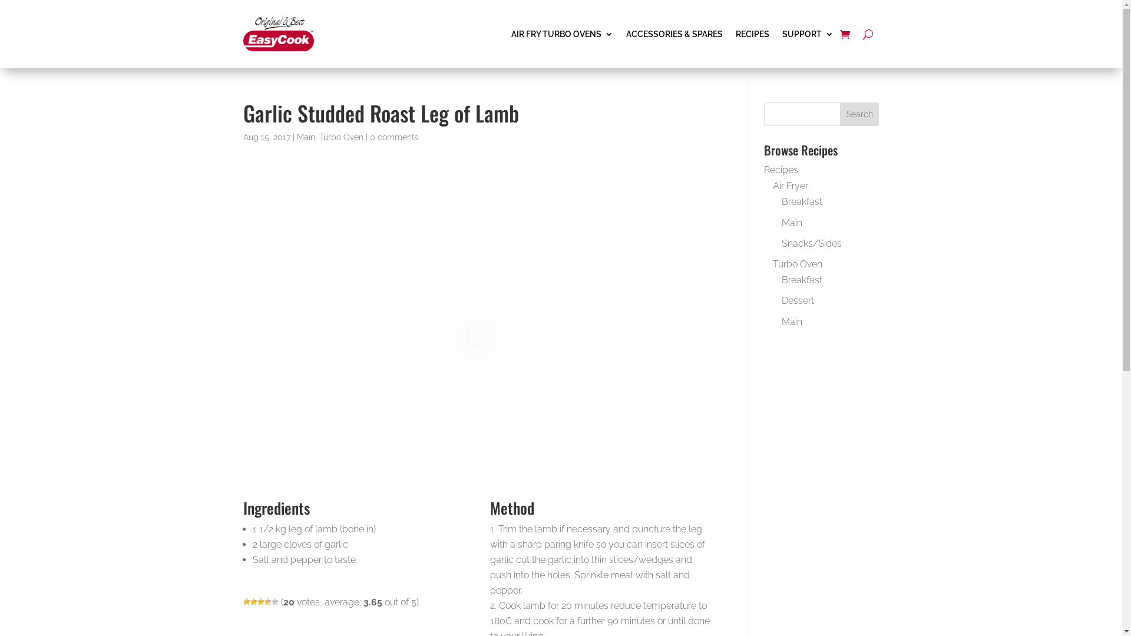 The height and width of the screenshot is (636, 1131). What do you see at coordinates (477, 337) in the screenshot?
I see `'Play video "Roasted leg of Lamb"'` at bounding box center [477, 337].